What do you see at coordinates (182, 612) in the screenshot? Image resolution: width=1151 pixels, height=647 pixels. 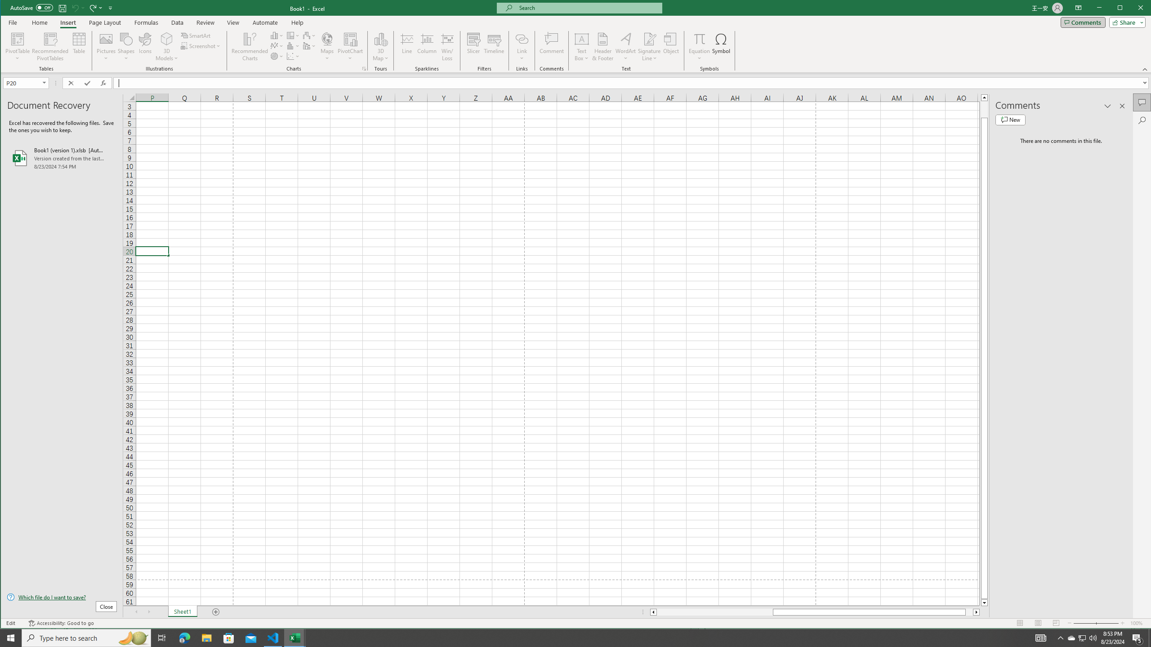 I see `'Sheet1'` at bounding box center [182, 612].